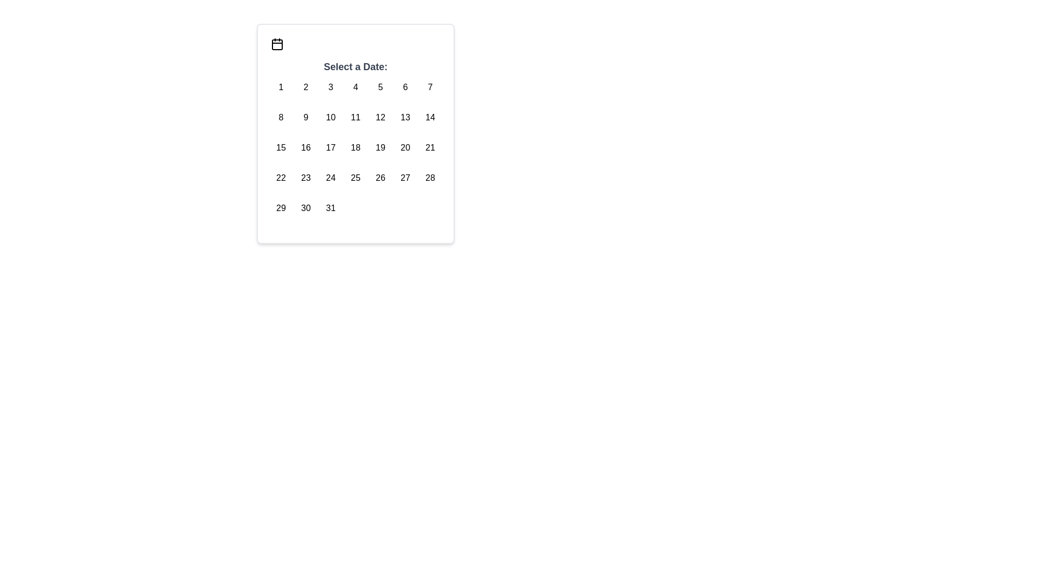 The width and height of the screenshot is (1038, 583). I want to click on the clickable button representing the date '9' in the calendar interface, so click(305, 118).